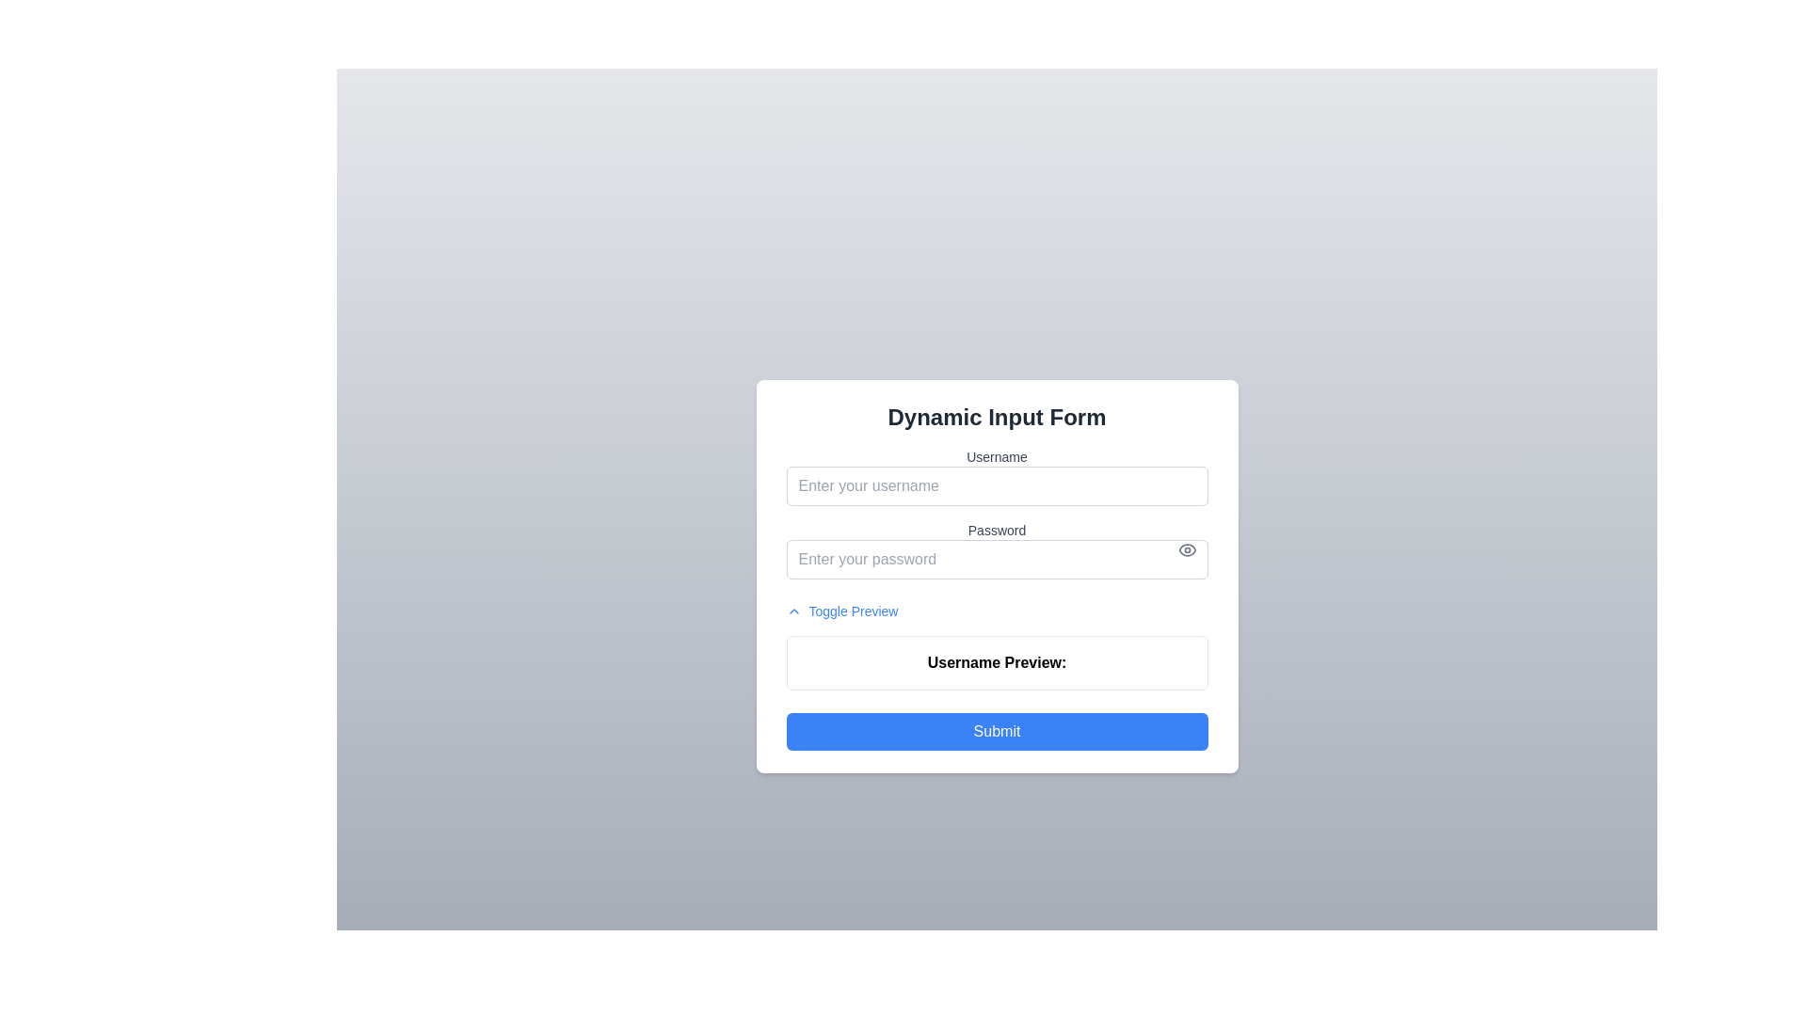 Image resolution: width=1807 pixels, height=1016 pixels. I want to click on the 'Password' label, which is a small-sized, medium-weight, gray text label positioned above the password input field in the form layout, so click(996, 530).